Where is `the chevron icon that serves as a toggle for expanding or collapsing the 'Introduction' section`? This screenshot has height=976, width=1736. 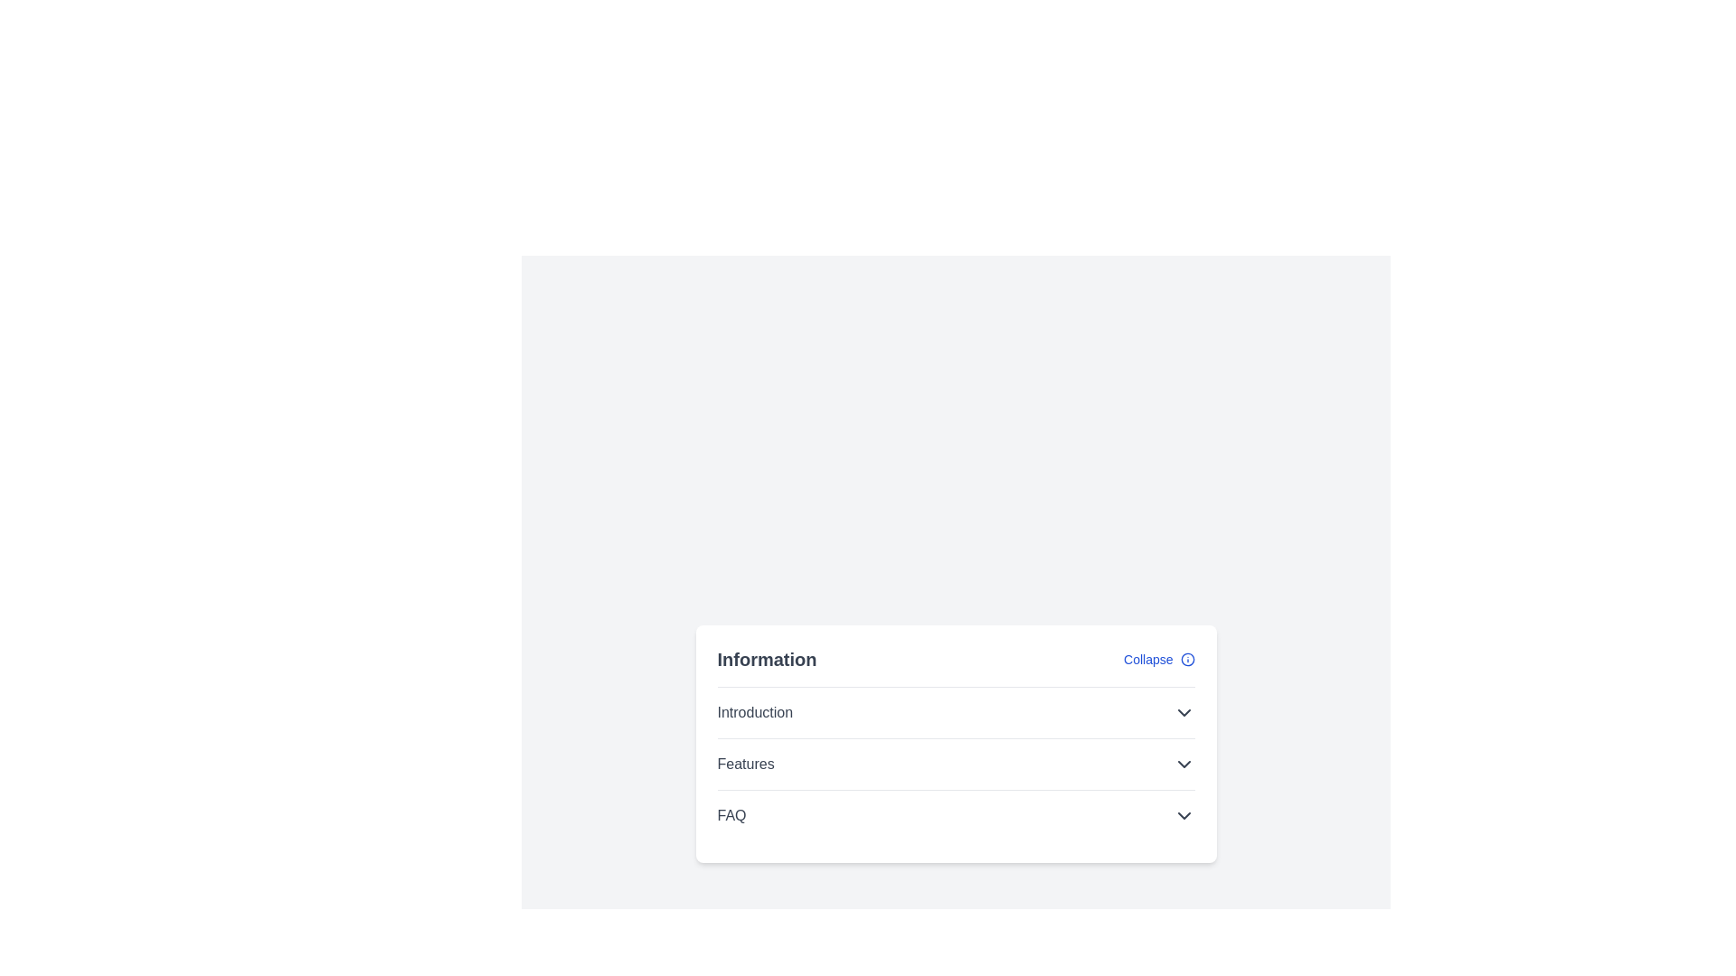 the chevron icon that serves as a toggle for expanding or collapsing the 'Introduction' section is located at coordinates (1184, 711).